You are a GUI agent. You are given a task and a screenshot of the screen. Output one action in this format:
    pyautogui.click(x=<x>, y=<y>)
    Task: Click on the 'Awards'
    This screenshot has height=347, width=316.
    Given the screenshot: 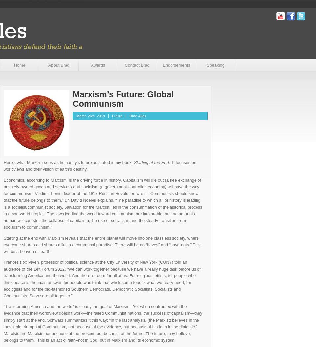 What is the action you would take?
    pyautogui.click(x=97, y=65)
    